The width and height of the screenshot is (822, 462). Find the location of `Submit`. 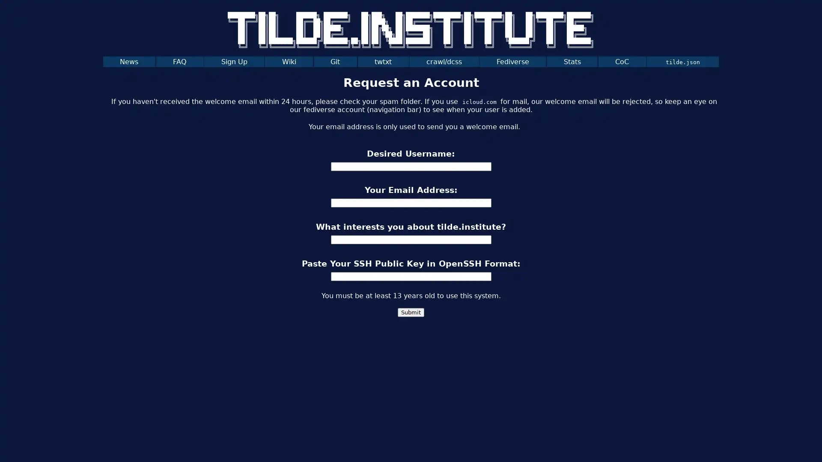

Submit is located at coordinates (411, 312).